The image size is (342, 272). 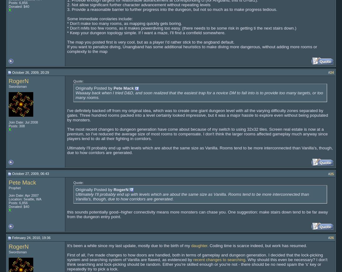 What do you see at coordinates (67, 245) in the screenshot?
I see `'It's been a while since my last update, mostly due to the birth of my'` at bounding box center [67, 245].